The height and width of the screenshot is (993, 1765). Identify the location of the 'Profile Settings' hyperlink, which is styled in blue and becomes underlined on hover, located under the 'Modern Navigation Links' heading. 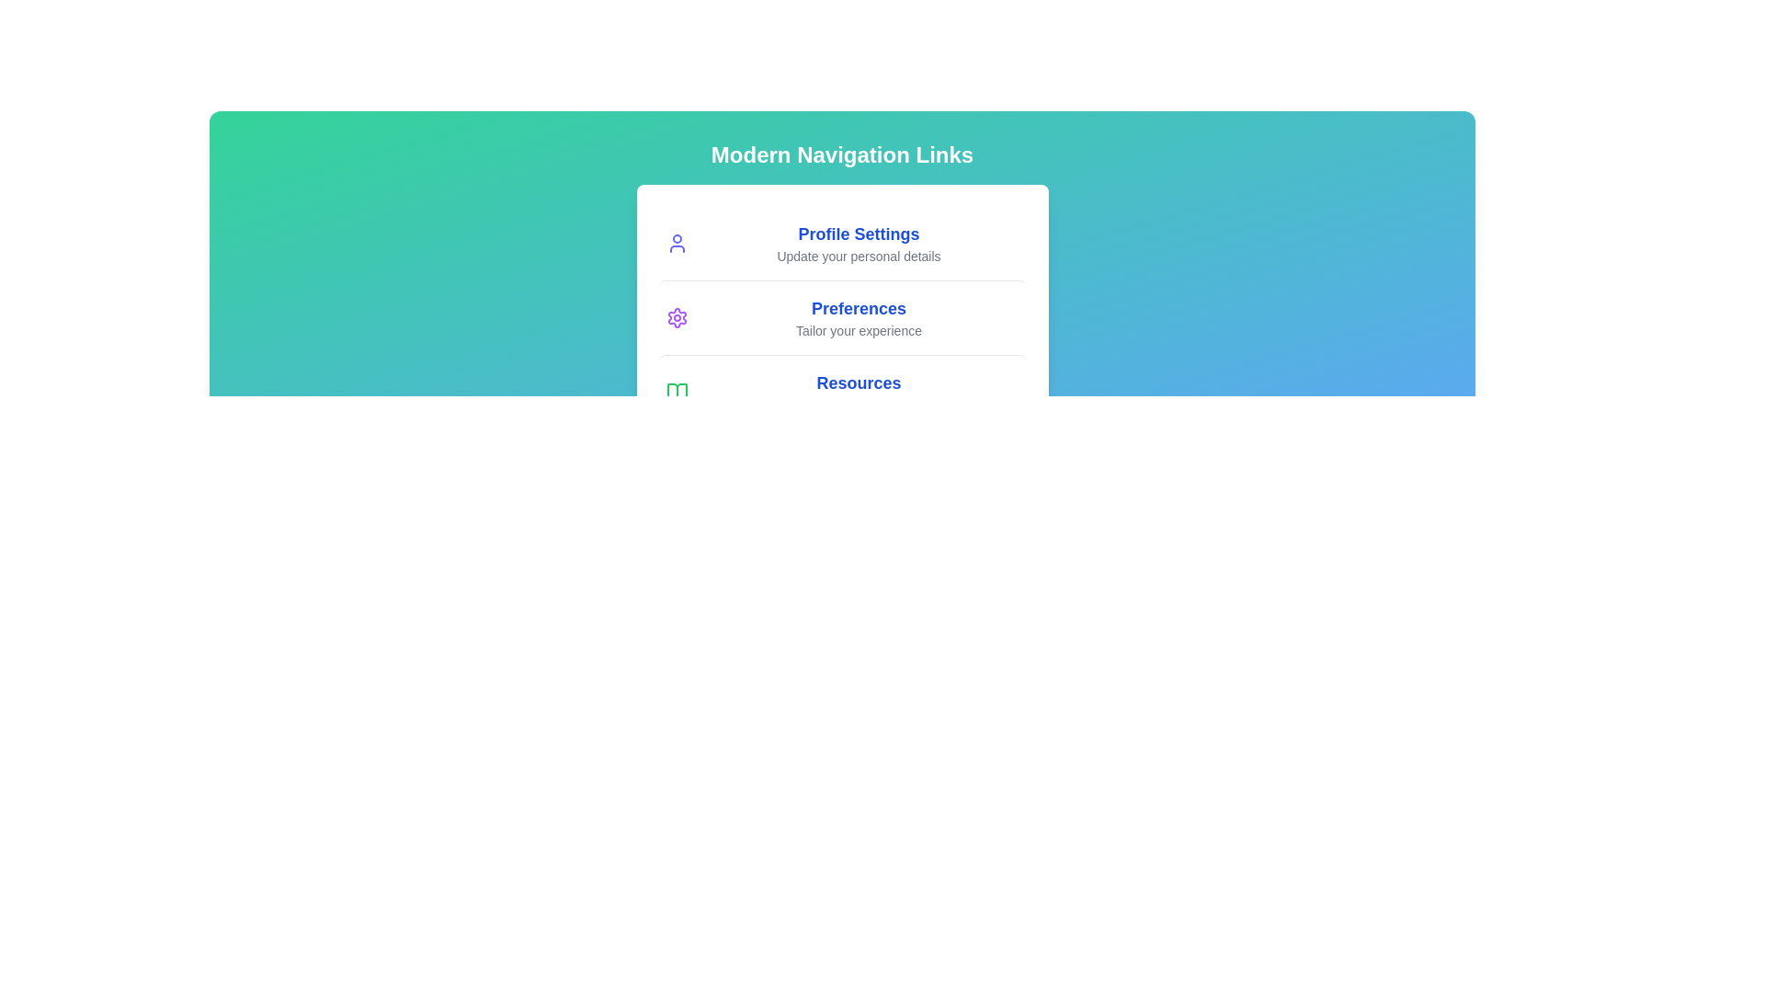
(858, 233).